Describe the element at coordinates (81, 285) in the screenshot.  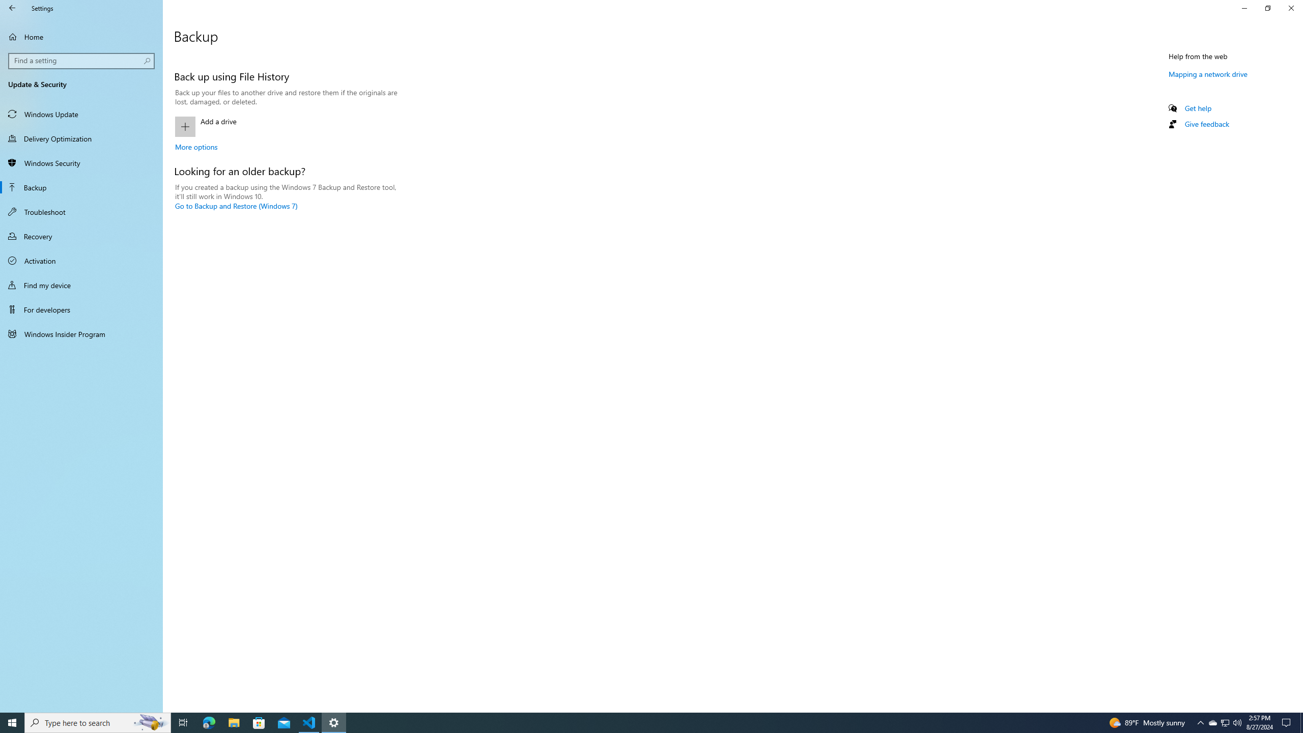
I see `'Find my device'` at that location.